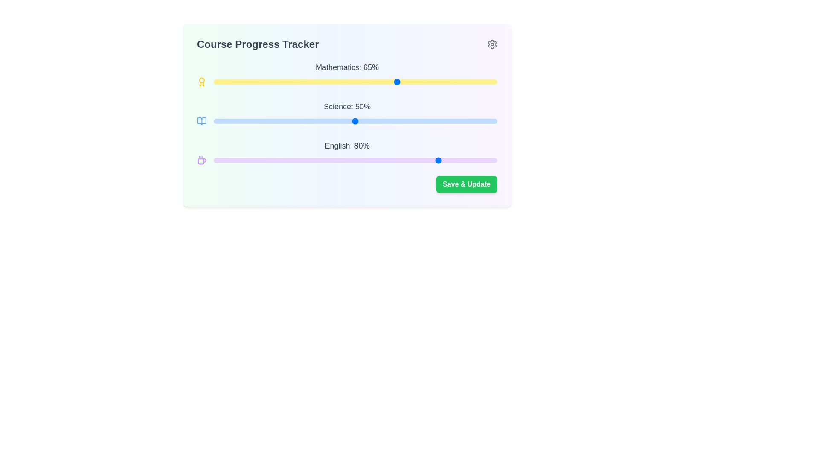 The width and height of the screenshot is (819, 461). I want to click on the mathematics progress, so click(279, 82).